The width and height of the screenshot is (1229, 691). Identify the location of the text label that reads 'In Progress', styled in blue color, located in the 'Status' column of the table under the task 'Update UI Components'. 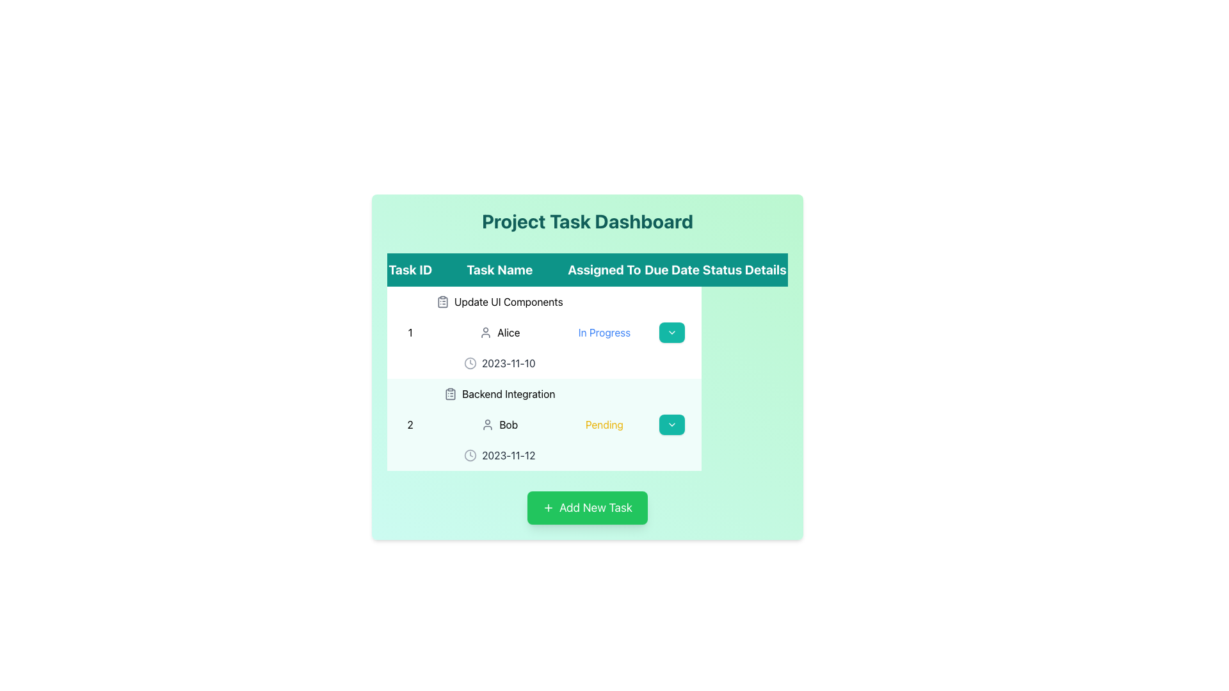
(604, 332).